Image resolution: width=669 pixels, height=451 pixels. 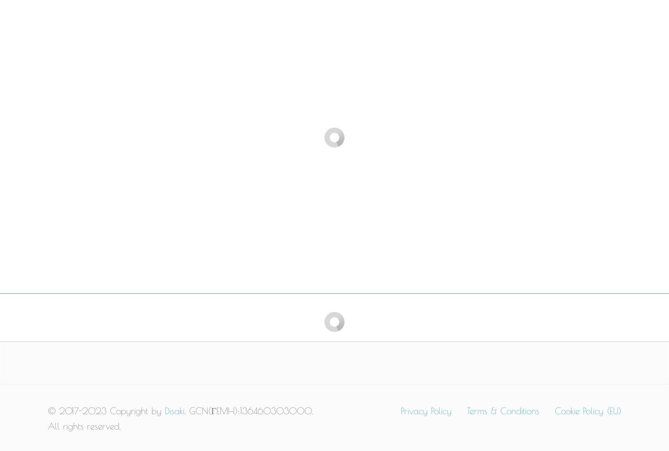 I want to click on 'Bill & Coo Coast Suites', so click(x=190, y=168).